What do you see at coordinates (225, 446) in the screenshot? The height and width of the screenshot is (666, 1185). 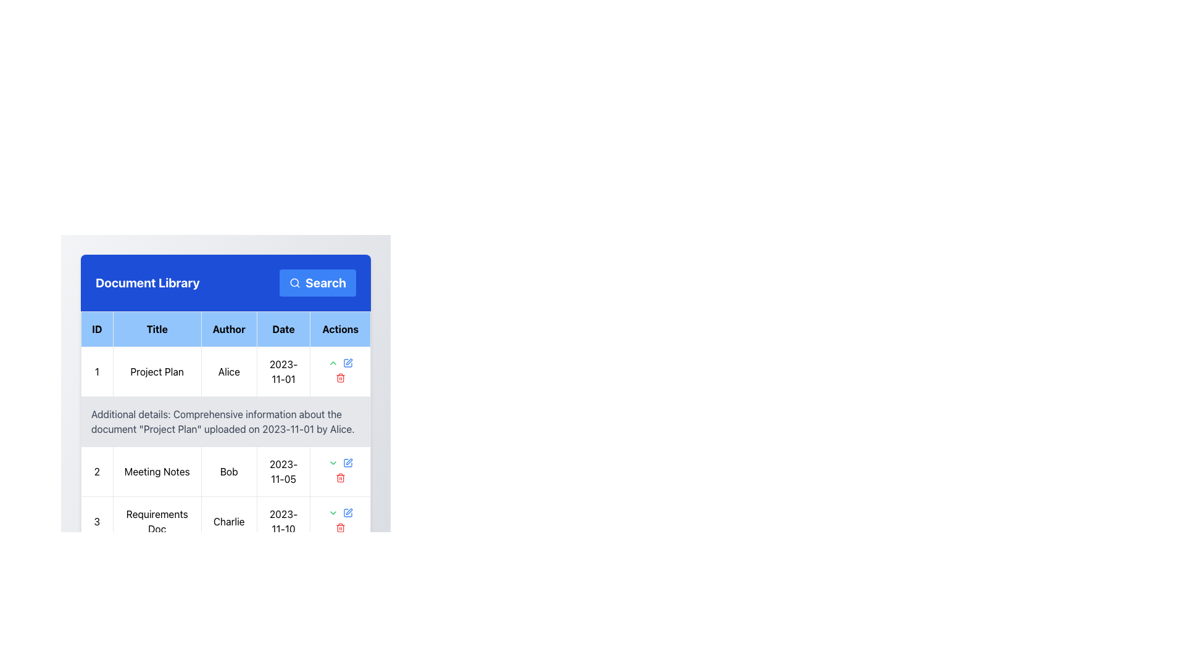 I see `the text block that provides detailed information about the document labeled 'Project Plan' located within the table cell` at bounding box center [225, 446].